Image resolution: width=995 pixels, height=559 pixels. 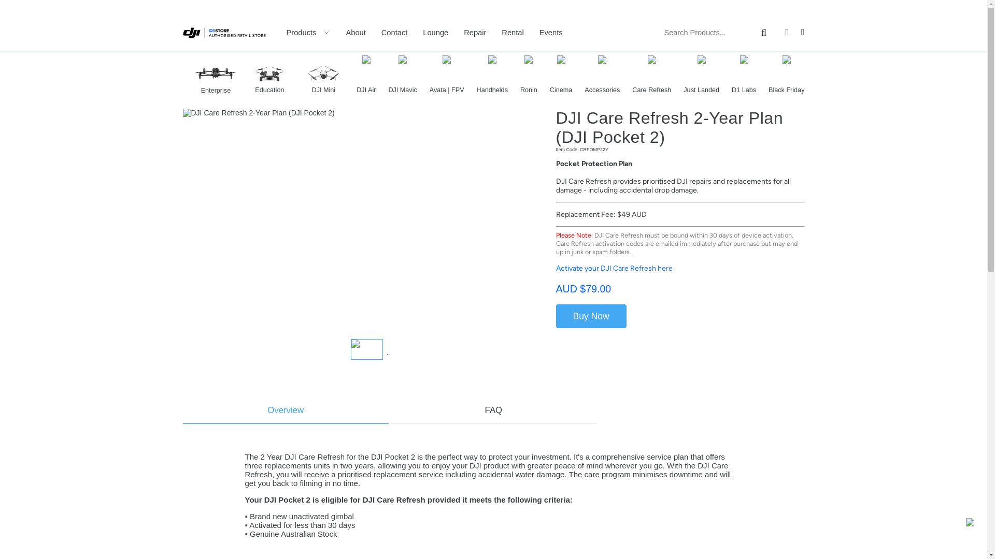 What do you see at coordinates (463, 32) in the screenshot?
I see `'Repair'` at bounding box center [463, 32].